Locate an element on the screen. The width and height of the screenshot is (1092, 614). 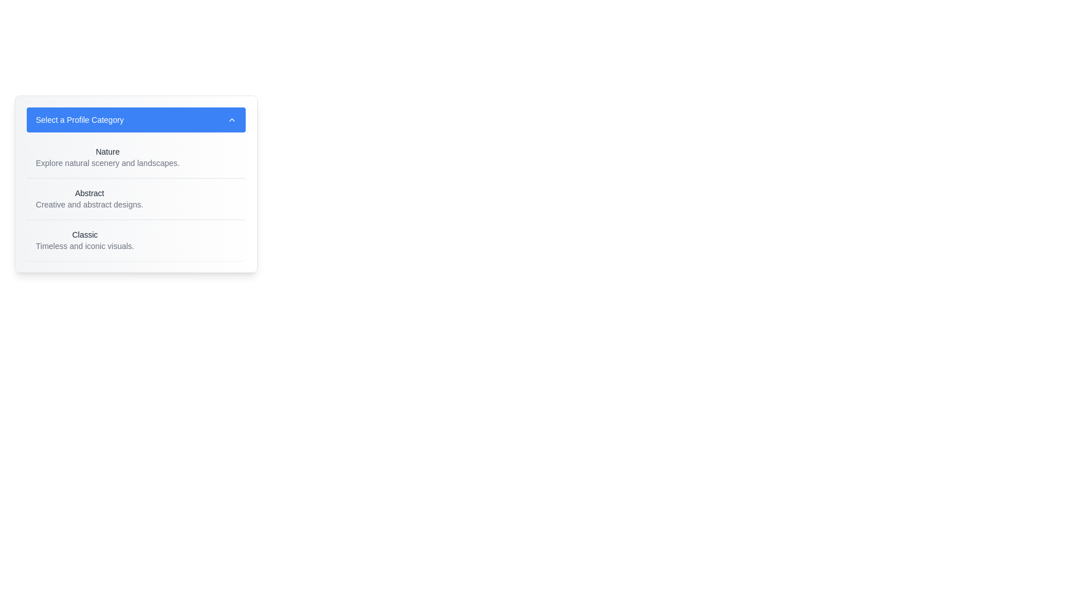
to select the 'Classic' option from the third entry in the dropdown menu, which is styled with a medium-weight dark gray font and includes the description 'Timeless and iconic visuals.' is located at coordinates (84, 240).